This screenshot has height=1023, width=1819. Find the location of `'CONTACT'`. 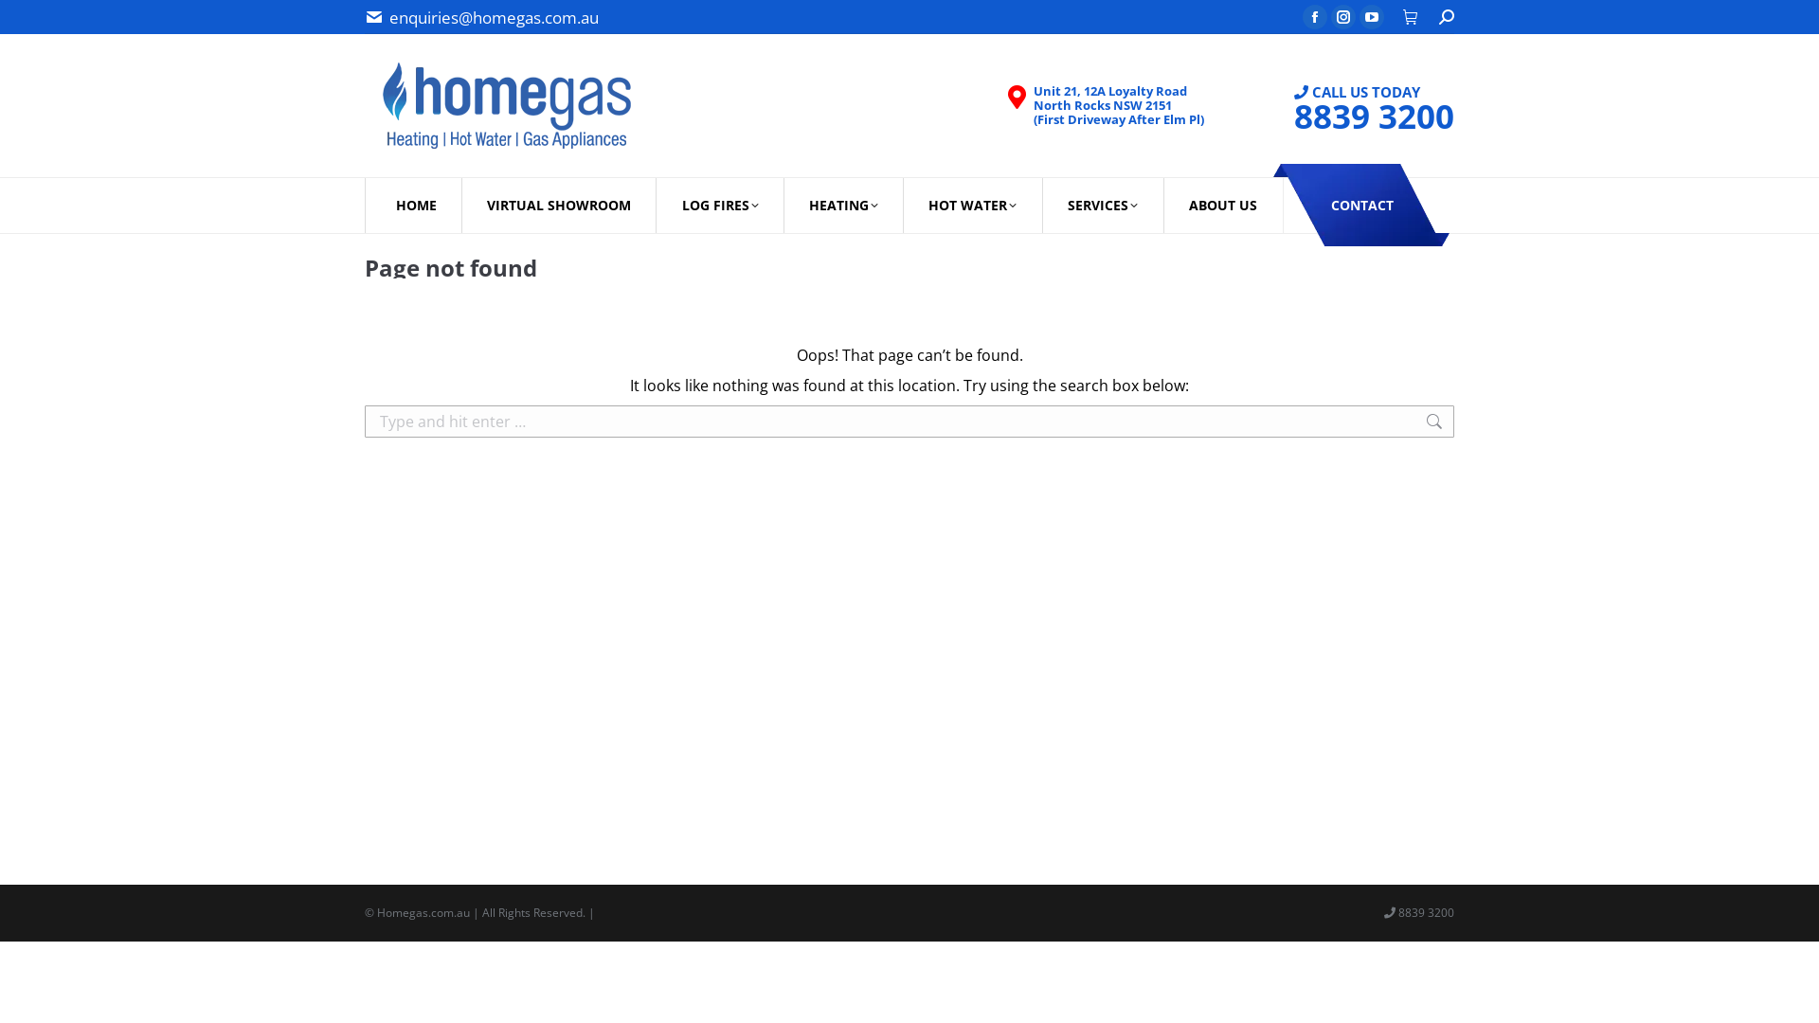

'CONTACT' is located at coordinates (1360, 205).